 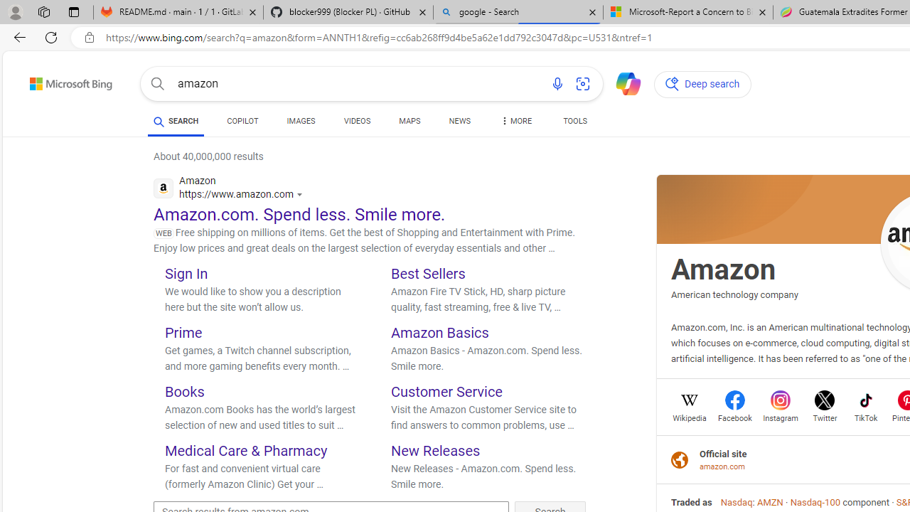 What do you see at coordinates (583, 84) in the screenshot?
I see `'Search using an image'` at bounding box center [583, 84].